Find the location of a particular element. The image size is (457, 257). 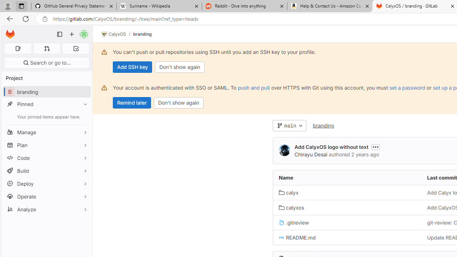

'Build' is located at coordinates (46, 171).